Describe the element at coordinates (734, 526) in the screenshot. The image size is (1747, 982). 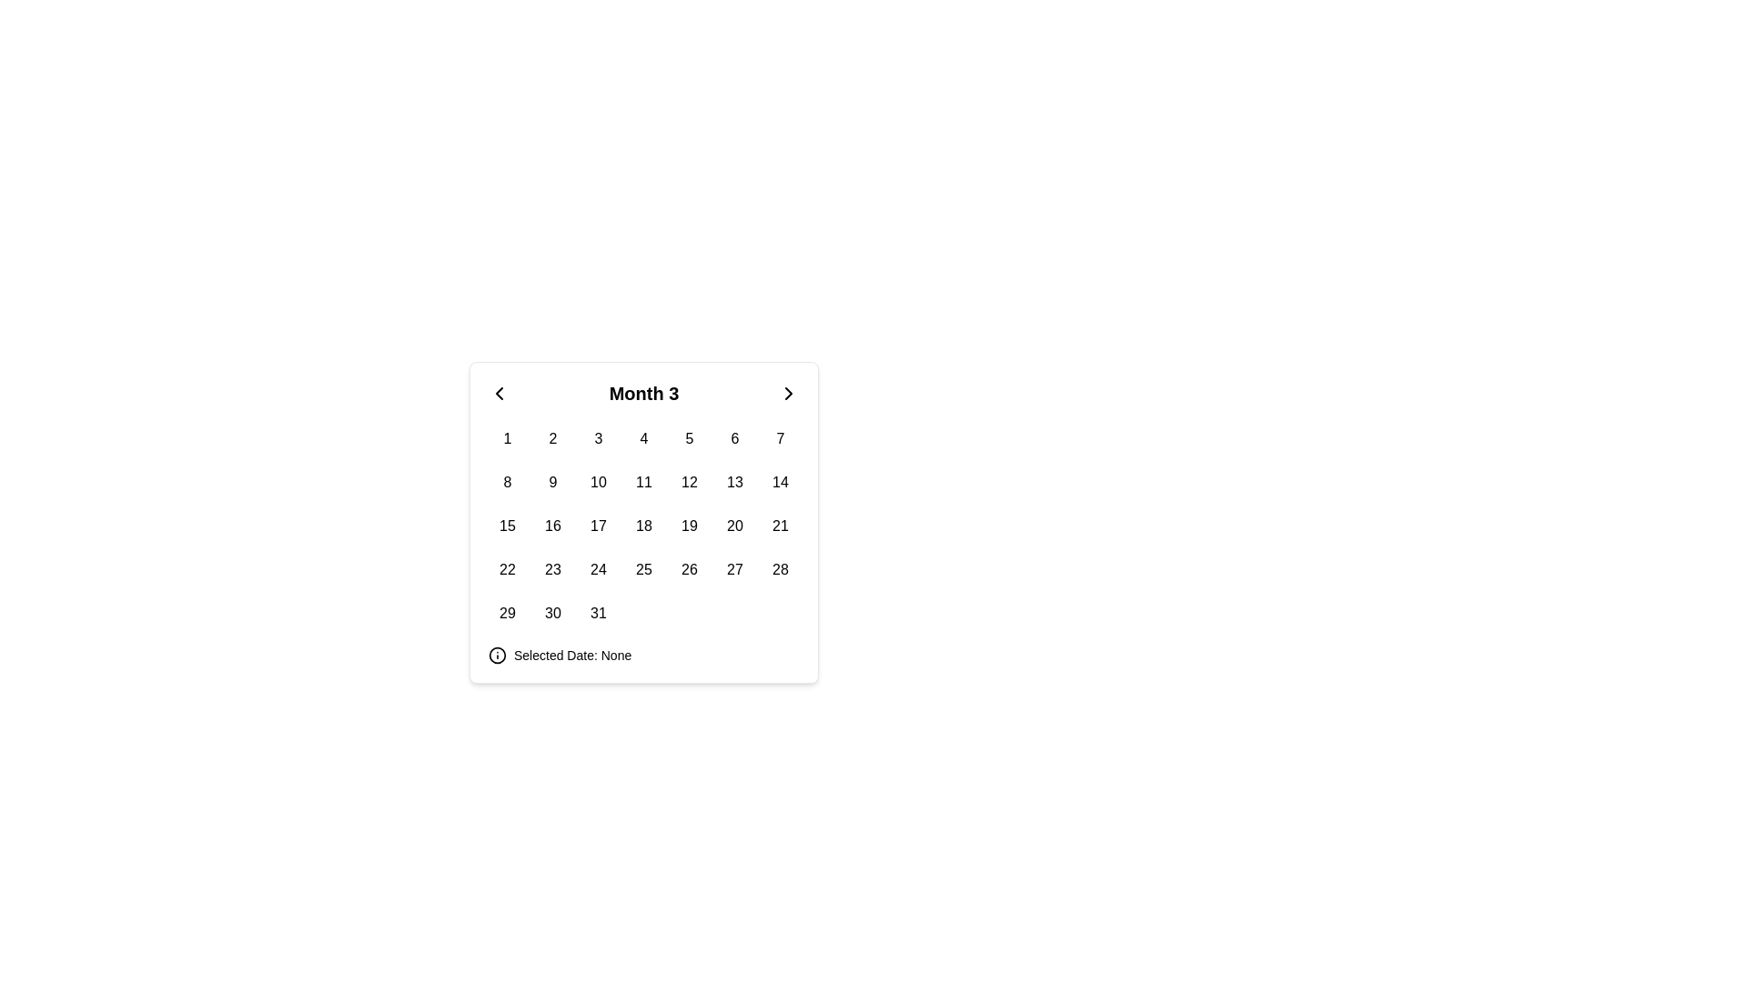
I see `the text displaying the number '20' in the third row and sixth column of the calendar grid` at that location.